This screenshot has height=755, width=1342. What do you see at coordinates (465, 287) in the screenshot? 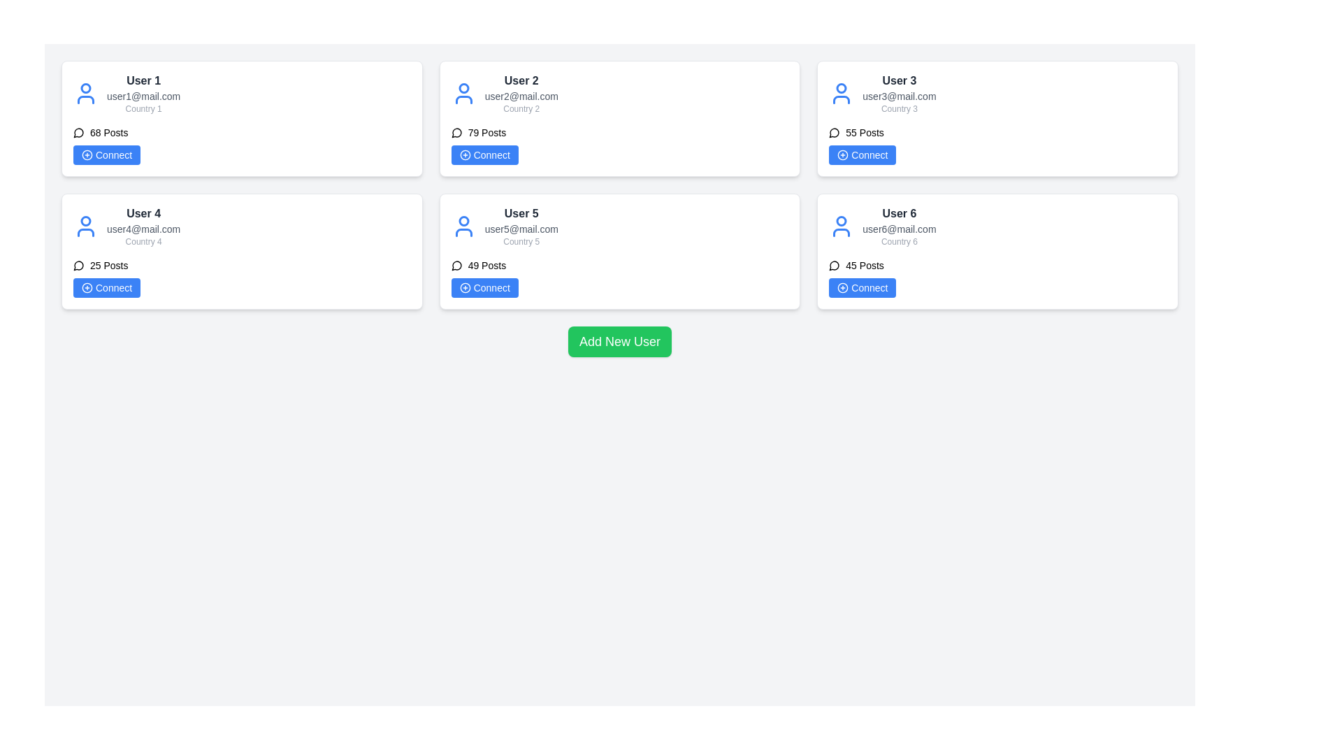
I see `the 'Connect' button icon for 'User 5' located in the second row, center column of the user panel` at bounding box center [465, 287].